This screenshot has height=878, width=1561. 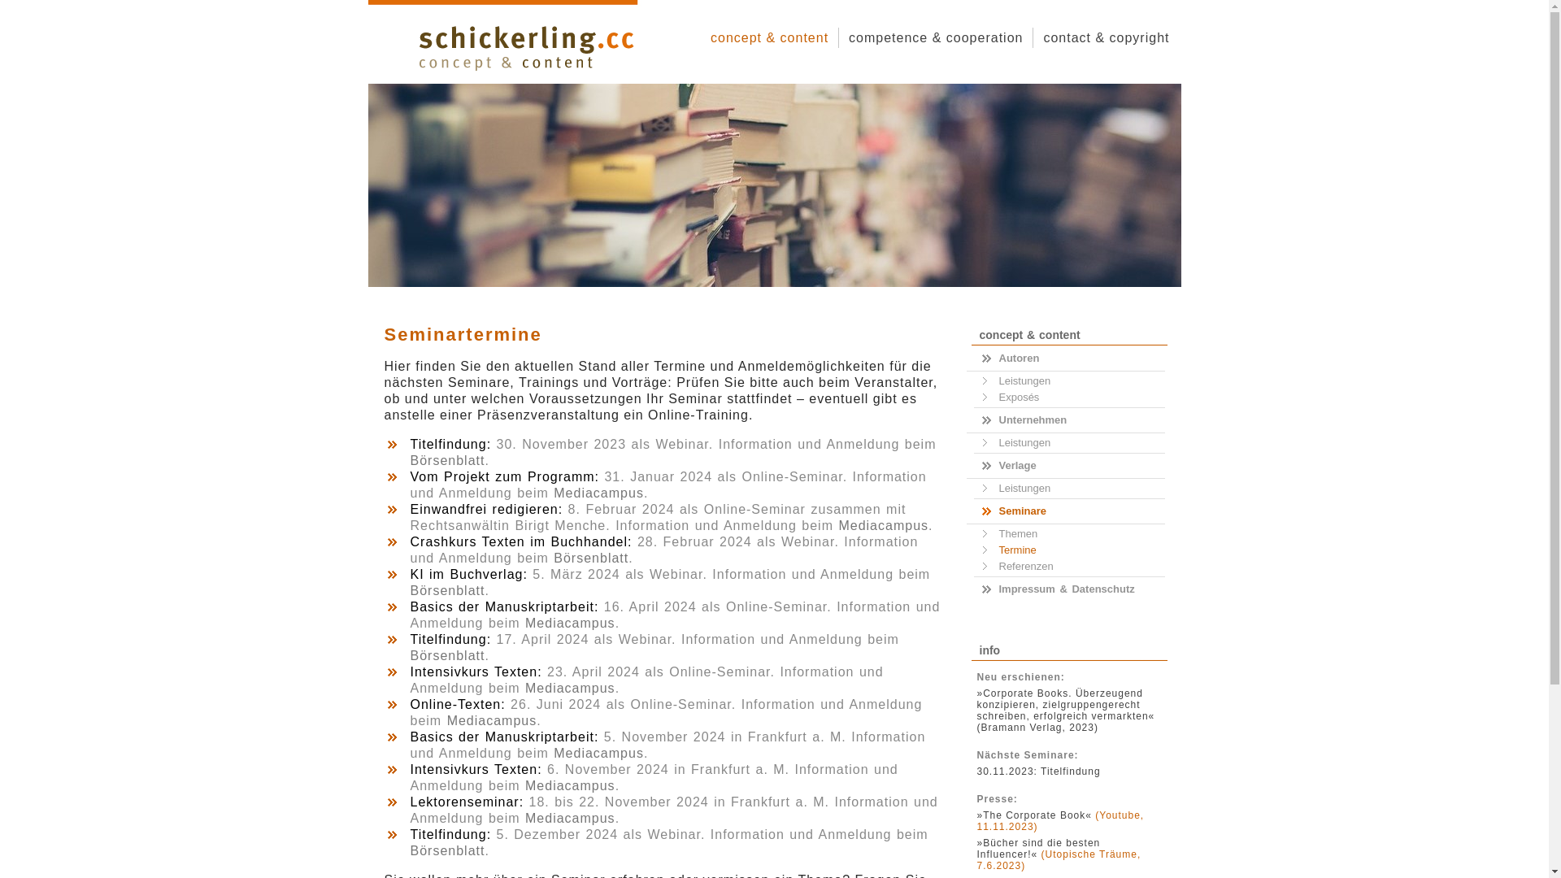 What do you see at coordinates (525, 46) in the screenshot?
I see `'schickerling-cc-logo'` at bounding box center [525, 46].